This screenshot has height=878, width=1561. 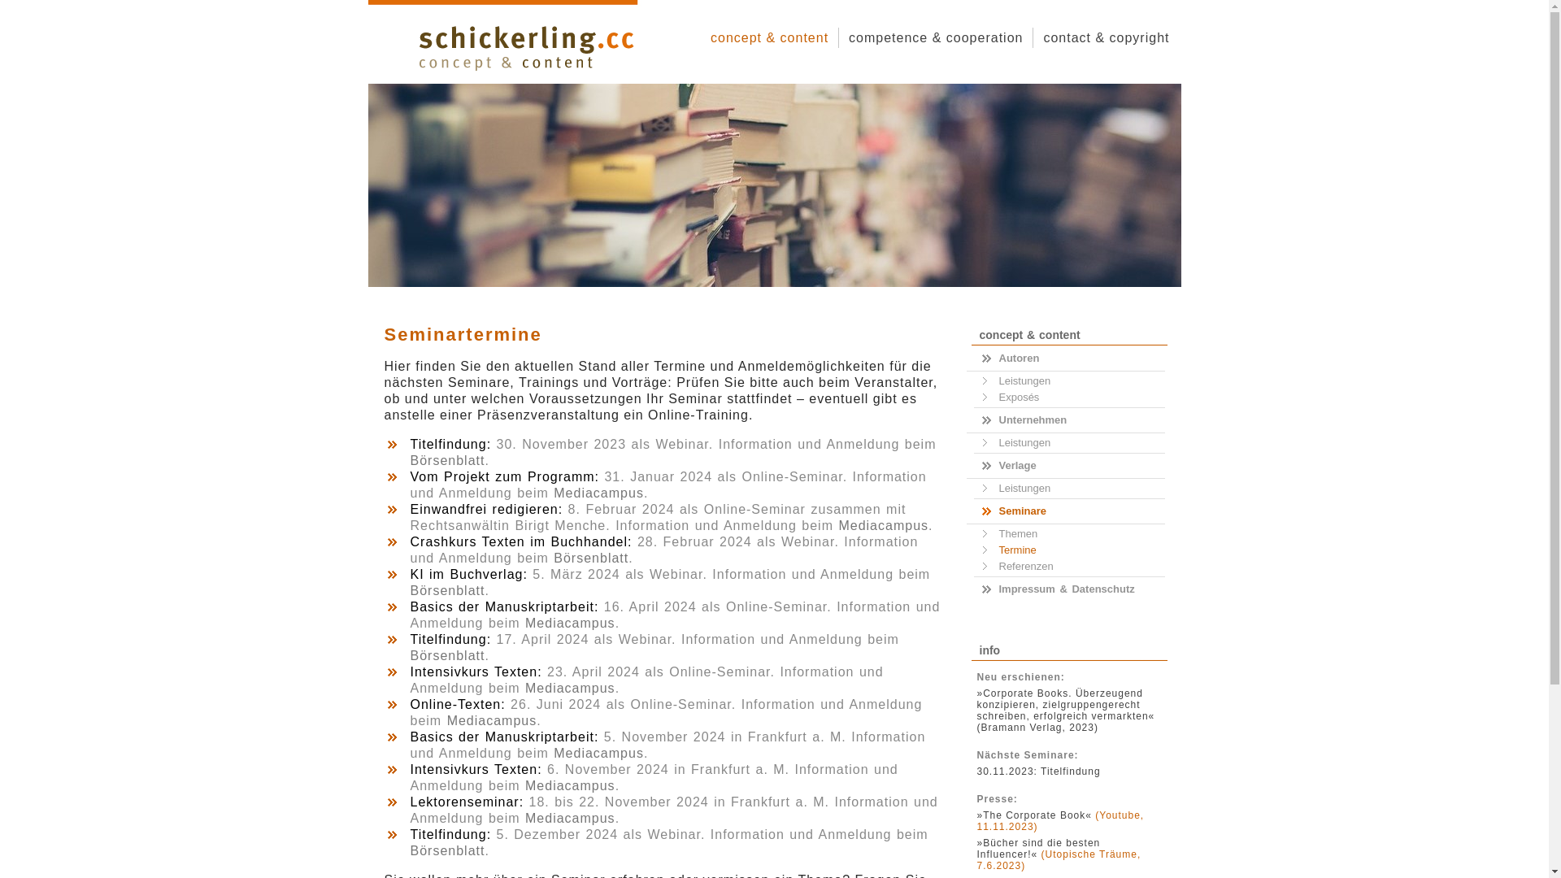 What do you see at coordinates (525, 46) in the screenshot?
I see `'schickerling-cc-logo'` at bounding box center [525, 46].